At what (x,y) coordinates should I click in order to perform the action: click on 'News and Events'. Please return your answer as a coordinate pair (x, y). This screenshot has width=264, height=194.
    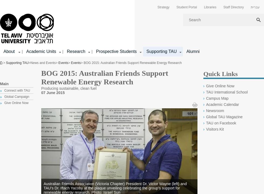
    Looking at the image, I should click on (30, 63).